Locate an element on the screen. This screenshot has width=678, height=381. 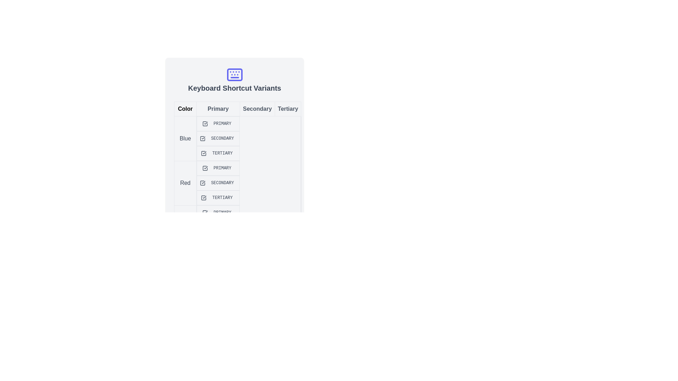
the tabular cell is located at coordinates (218, 212).